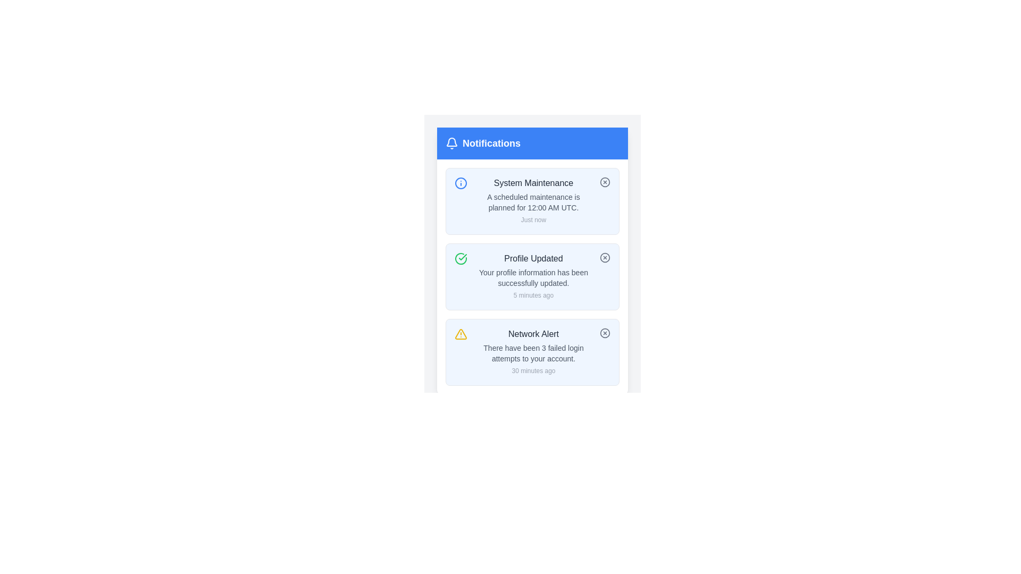  What do you see at coordinates (533, 352) in the screenshot?
I see `Notification card alerting the user to three failed login attempts, located at the bottom of the notifications list` at bounding box center [533, 352].